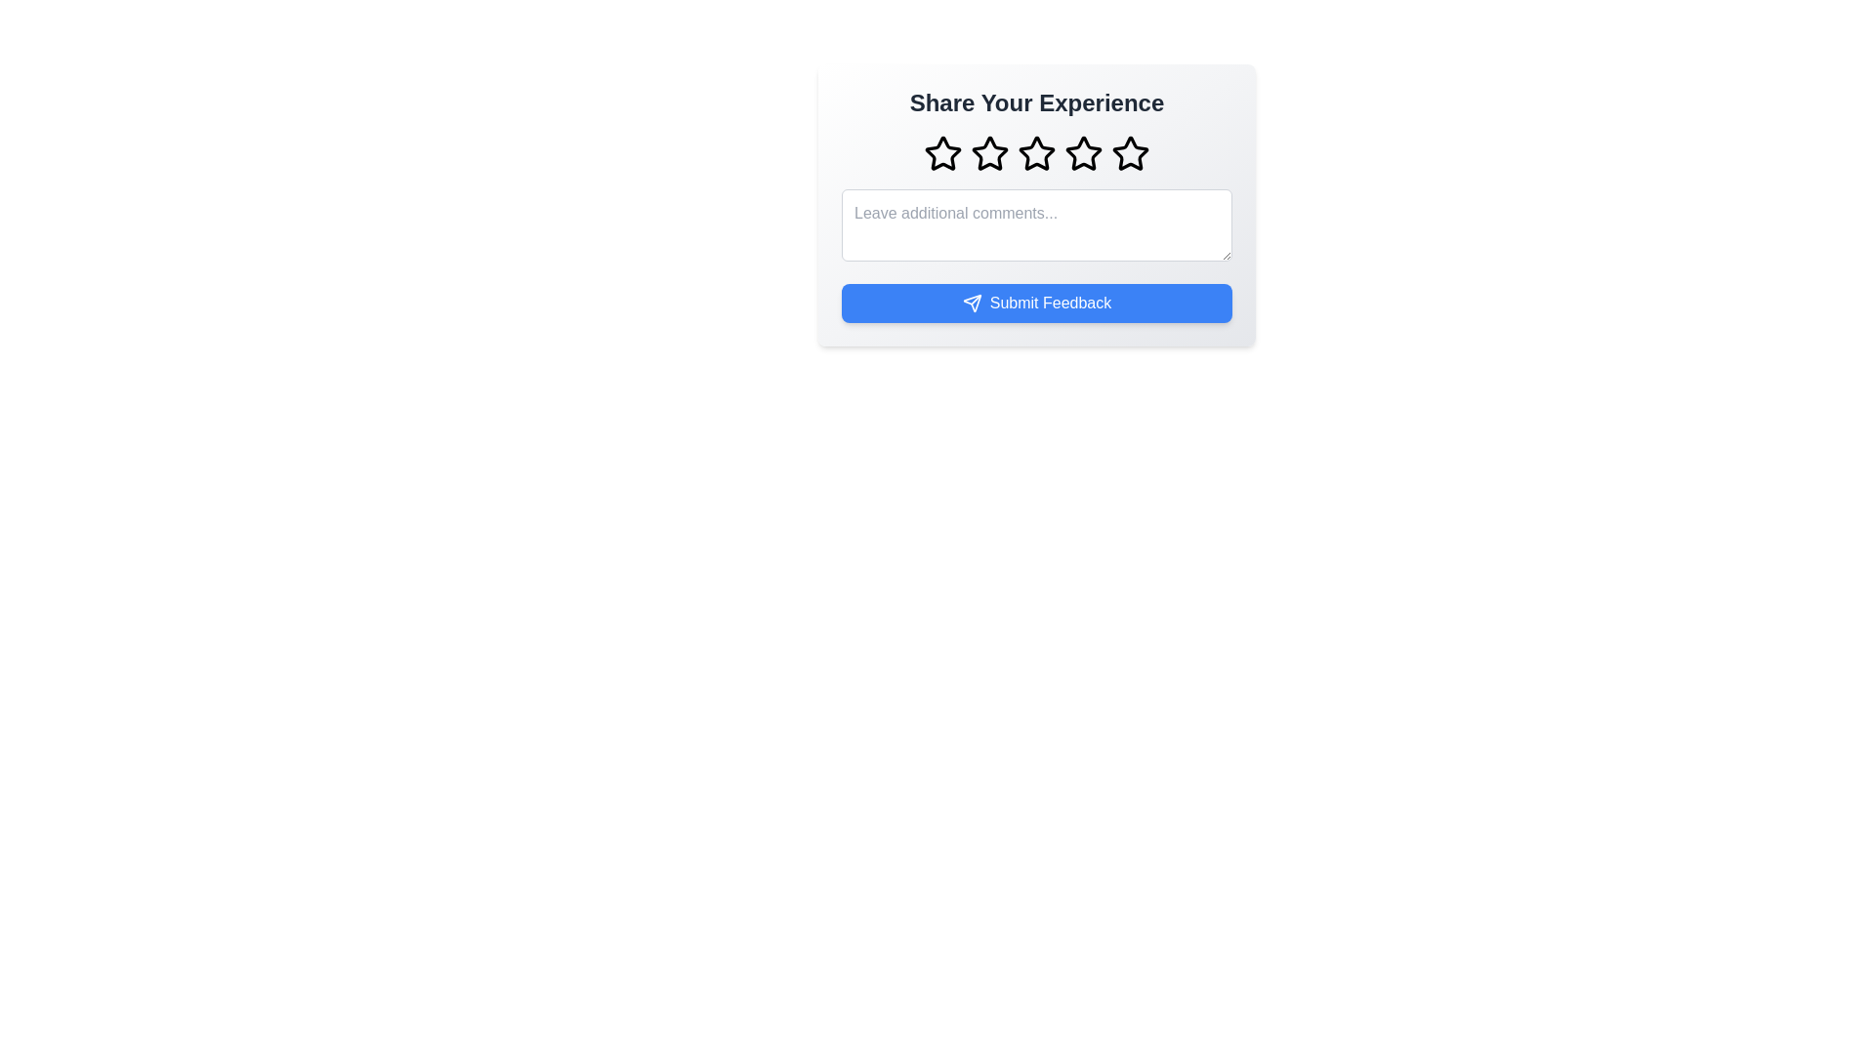 Image resolution: width=1875 pixels, height=1054 pixels. What do you see at coordinates (1035, 205) in the screenshot?
I see `the text input area below the title 'Share Your Experience' and the row of stars to focus on it` at bounding box center [1035, 205].